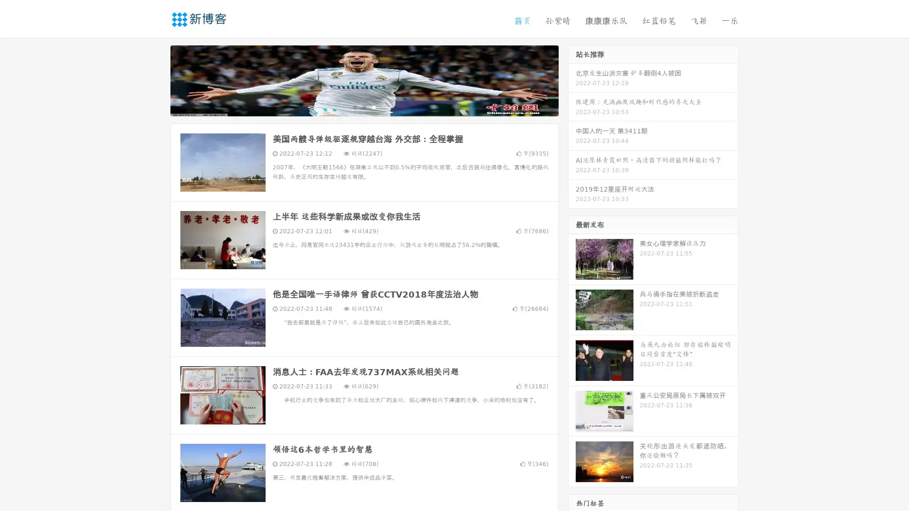 This screenshot has width=909, height=511. What do you see at coordinates (354, 106) in the screenshot?
I see `Go to slide 1` at bounding box center [354, 106].